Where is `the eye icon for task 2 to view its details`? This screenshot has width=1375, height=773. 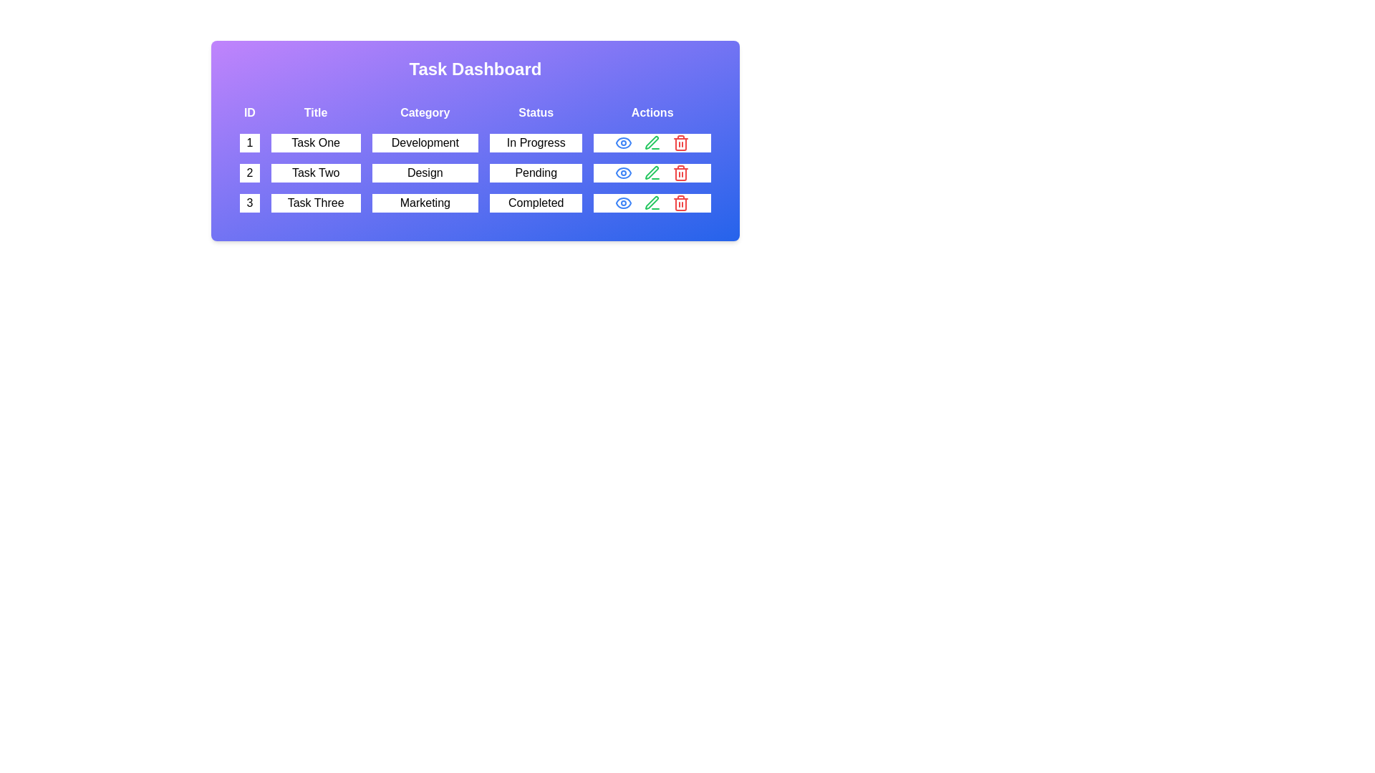 the eye icon for task 2 to view its details is located at coordinates (624, 172).